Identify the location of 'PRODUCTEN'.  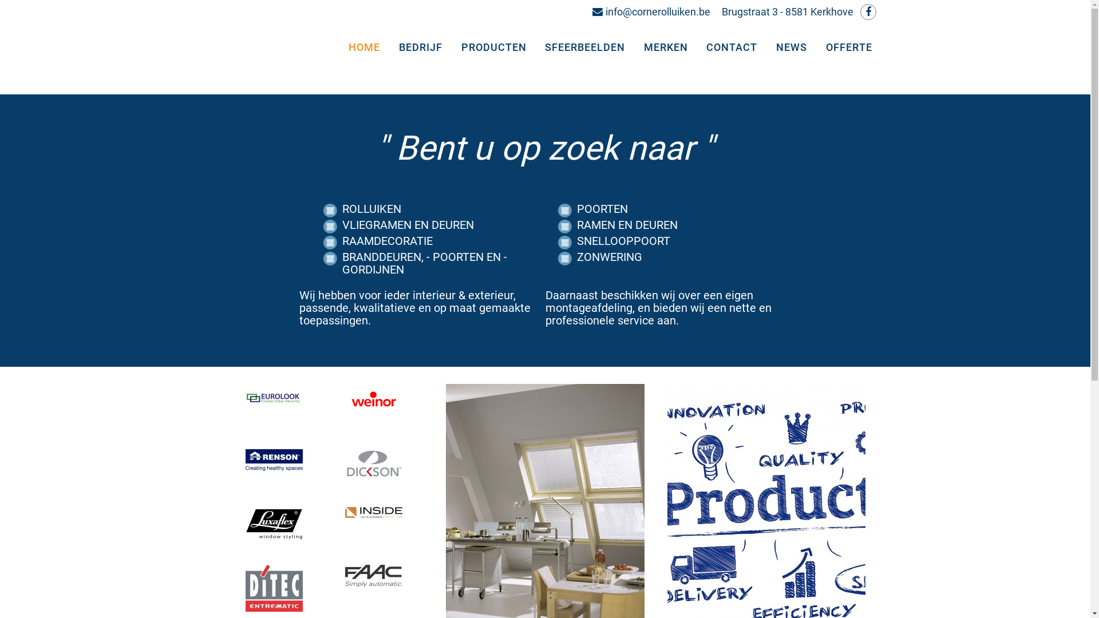
(495, 47).